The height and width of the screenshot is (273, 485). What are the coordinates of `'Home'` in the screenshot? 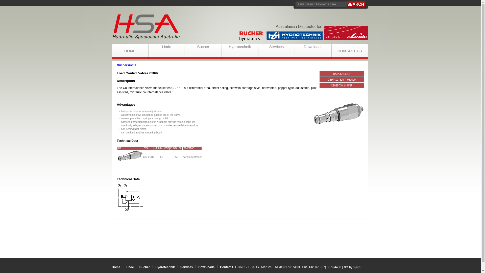 It's located at (115, 267).